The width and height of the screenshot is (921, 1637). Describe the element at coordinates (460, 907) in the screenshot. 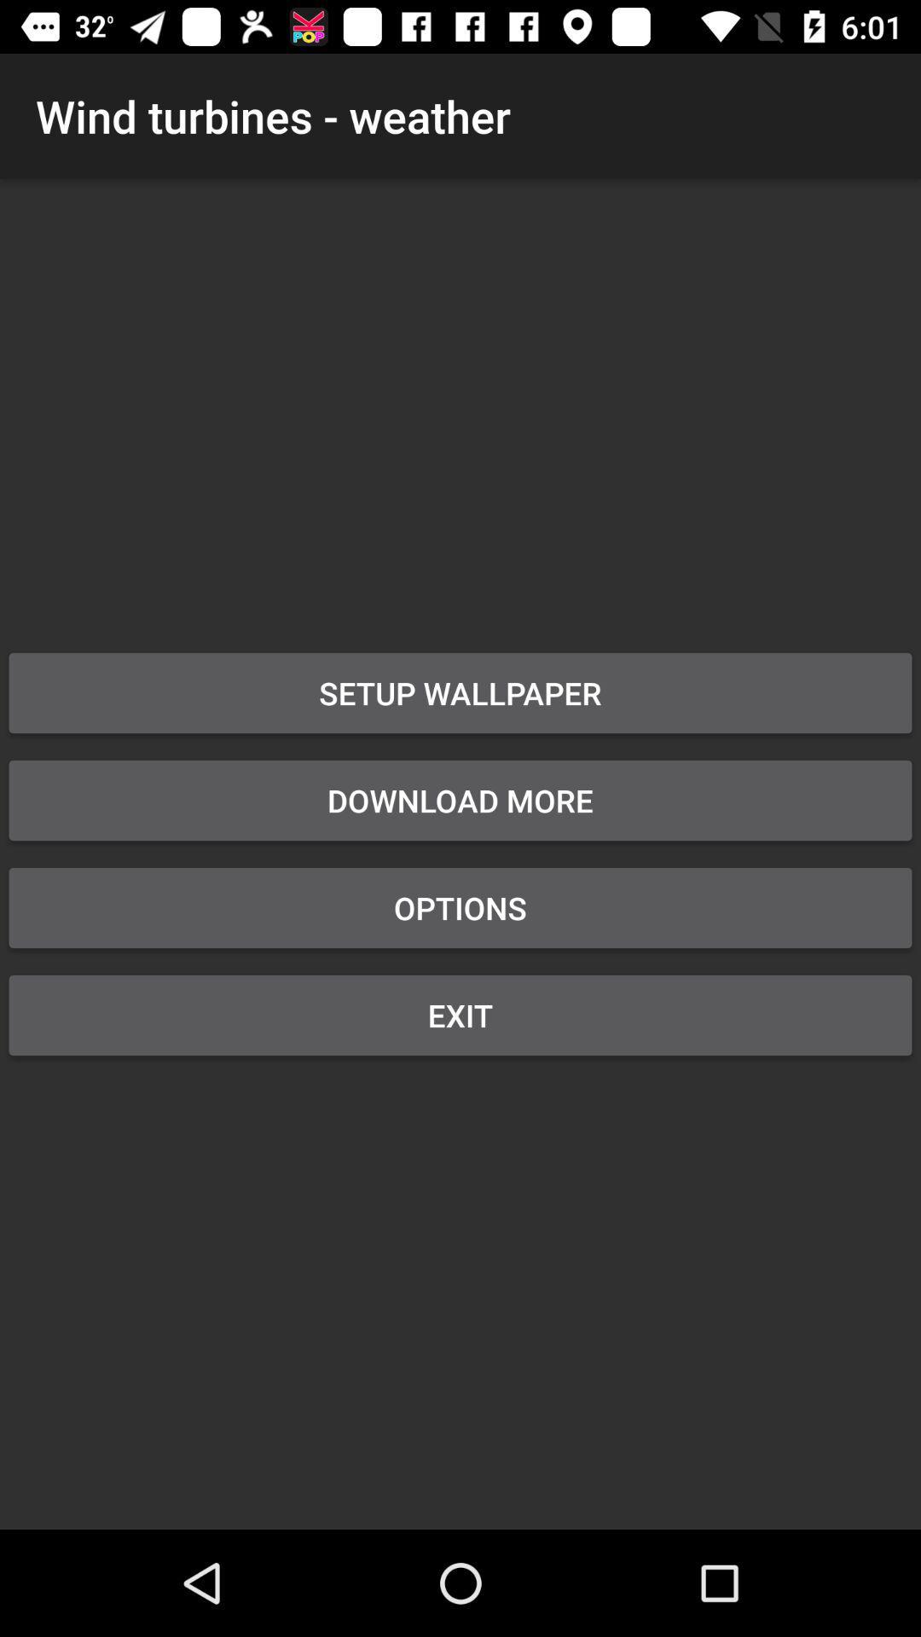

I see `button above exit icon` at that location.